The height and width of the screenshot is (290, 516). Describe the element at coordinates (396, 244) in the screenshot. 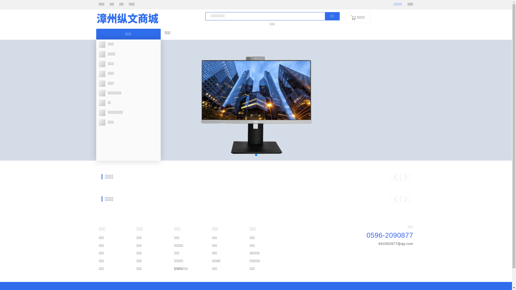

I see `'643302977@qq.com'` at that location.